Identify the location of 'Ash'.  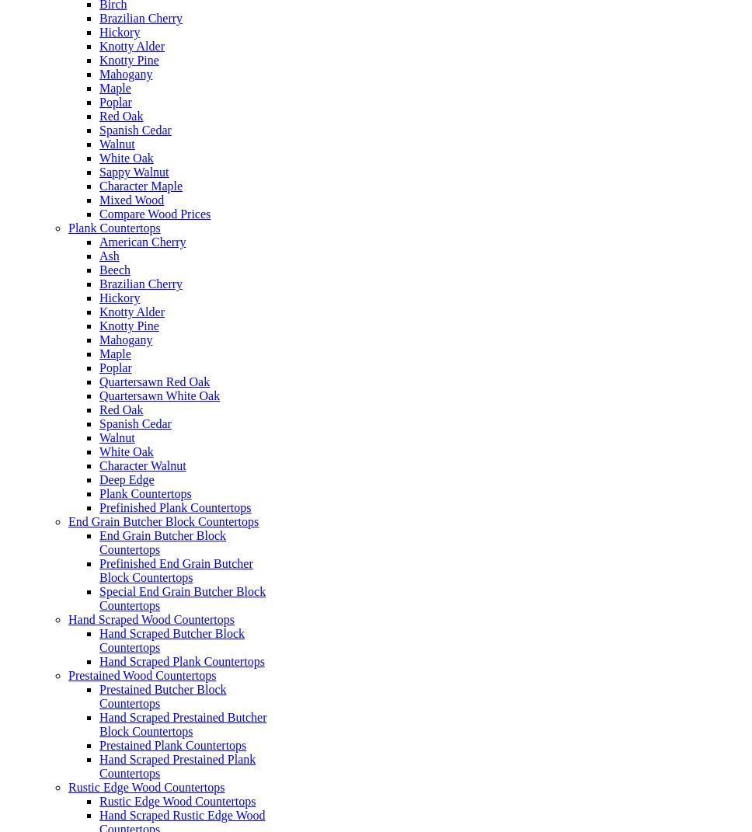
(108, 255).